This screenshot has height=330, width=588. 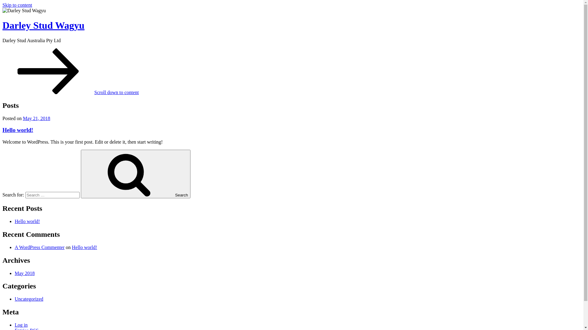 What do you see at coordinates (39, 247) in the screenshot?
I see `'A WordPress Commenter'` at bounding box center [39, 247].